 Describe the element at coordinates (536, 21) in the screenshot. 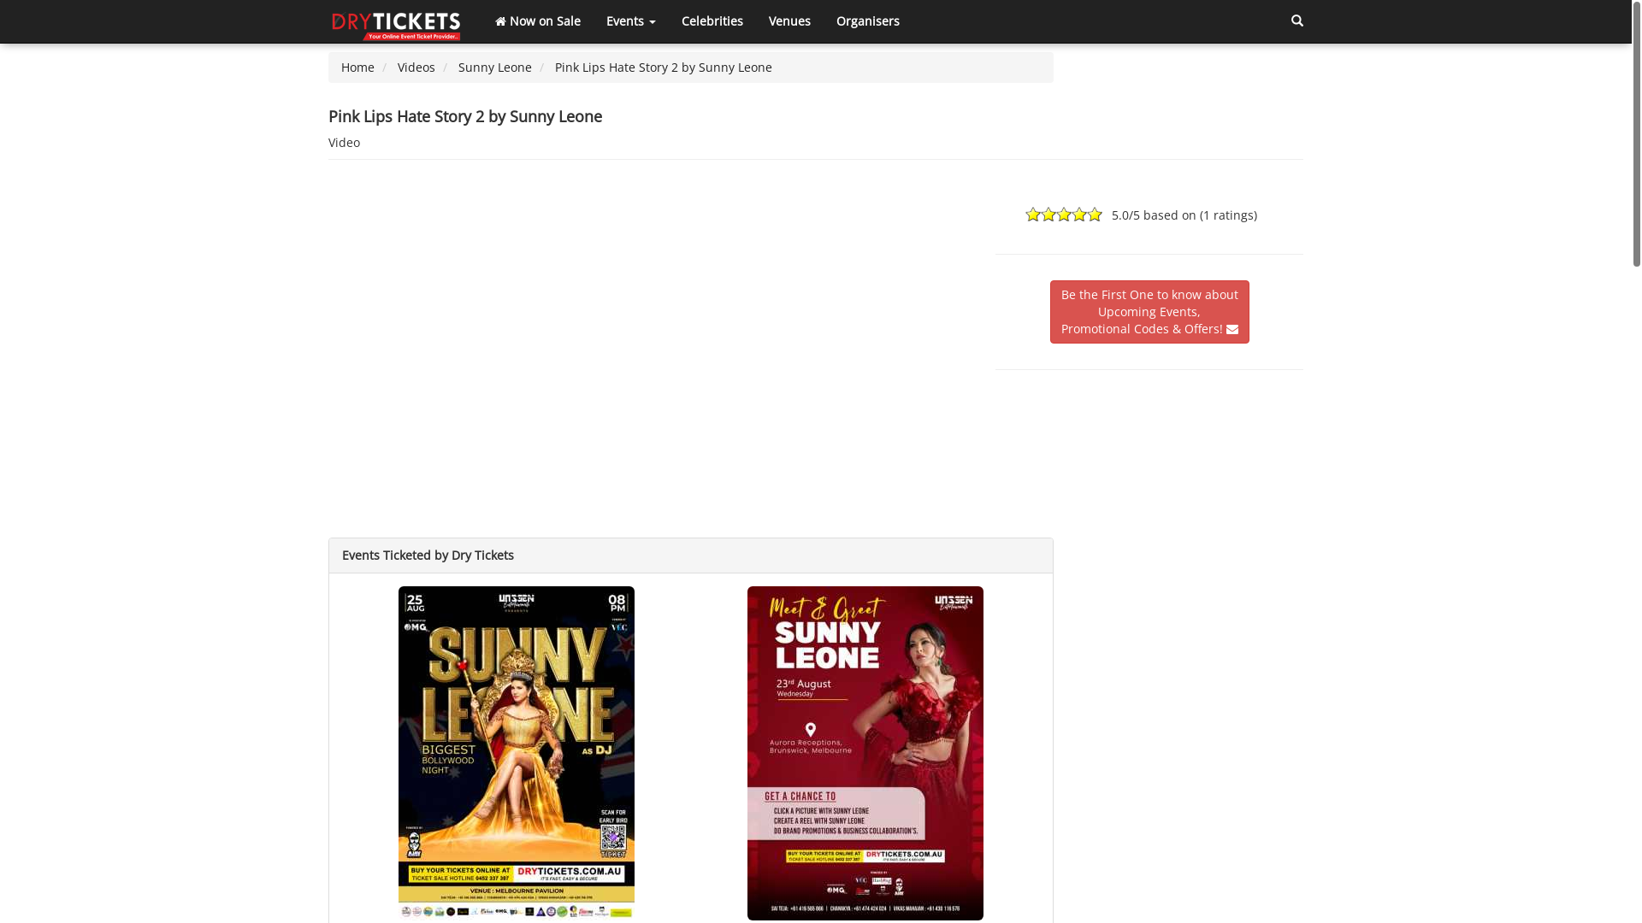

I see `'Now on Sale'` at that location.